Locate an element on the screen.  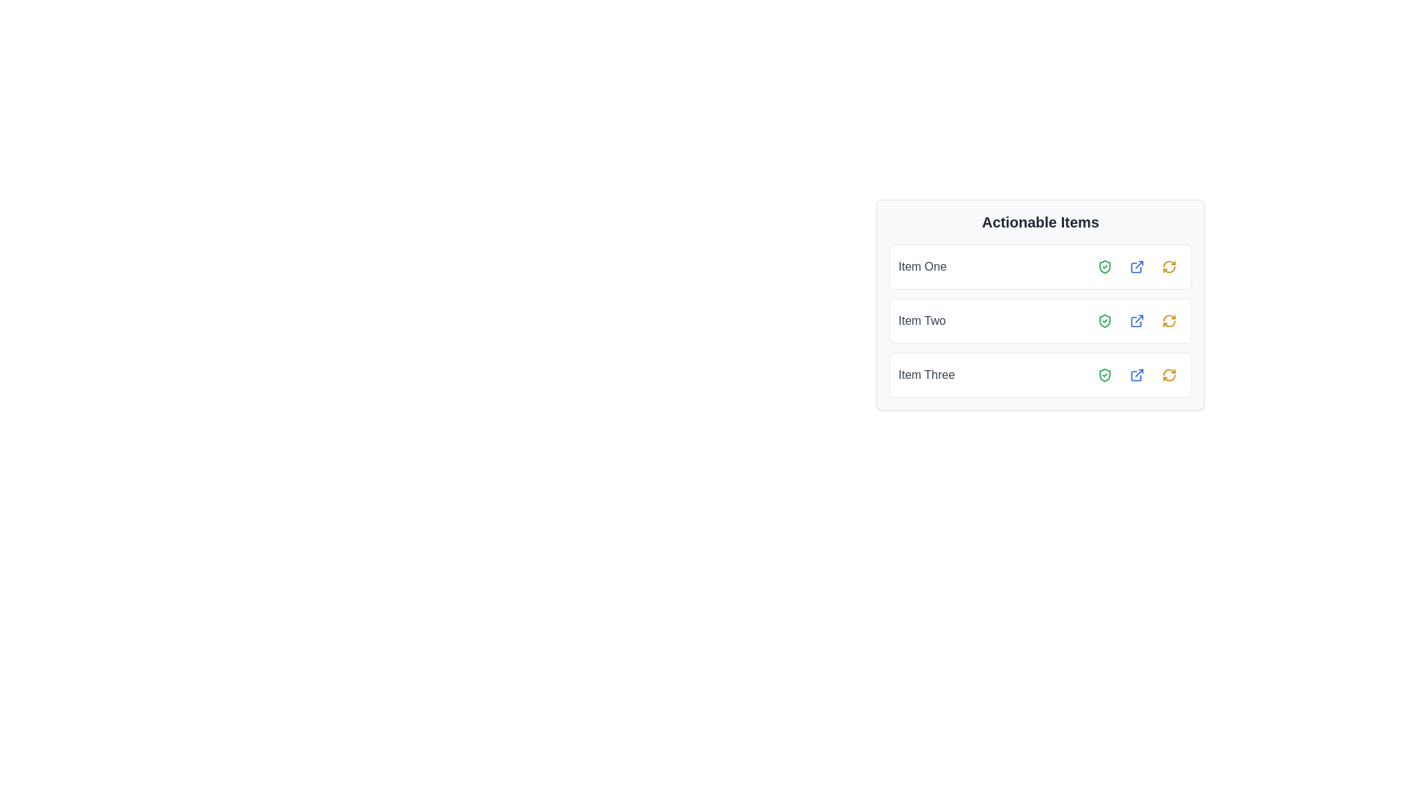
the main body of the shield icon, which has a green border and a red fill, located next to 'Item Two' in the vertical list of actionable items is located at coordinates (1104, 320).